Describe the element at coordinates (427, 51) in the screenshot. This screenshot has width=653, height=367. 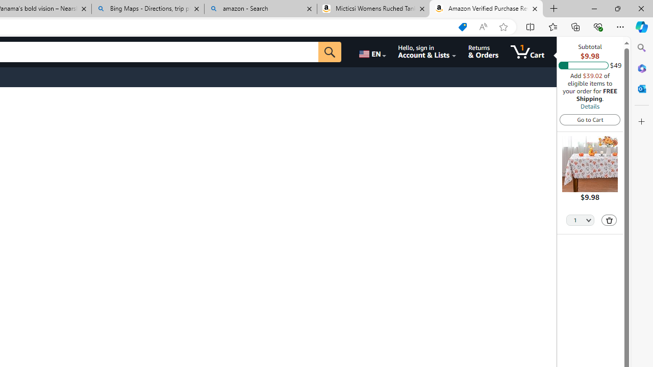
I see `'Hello, sign in Account & Lists'` at that location.